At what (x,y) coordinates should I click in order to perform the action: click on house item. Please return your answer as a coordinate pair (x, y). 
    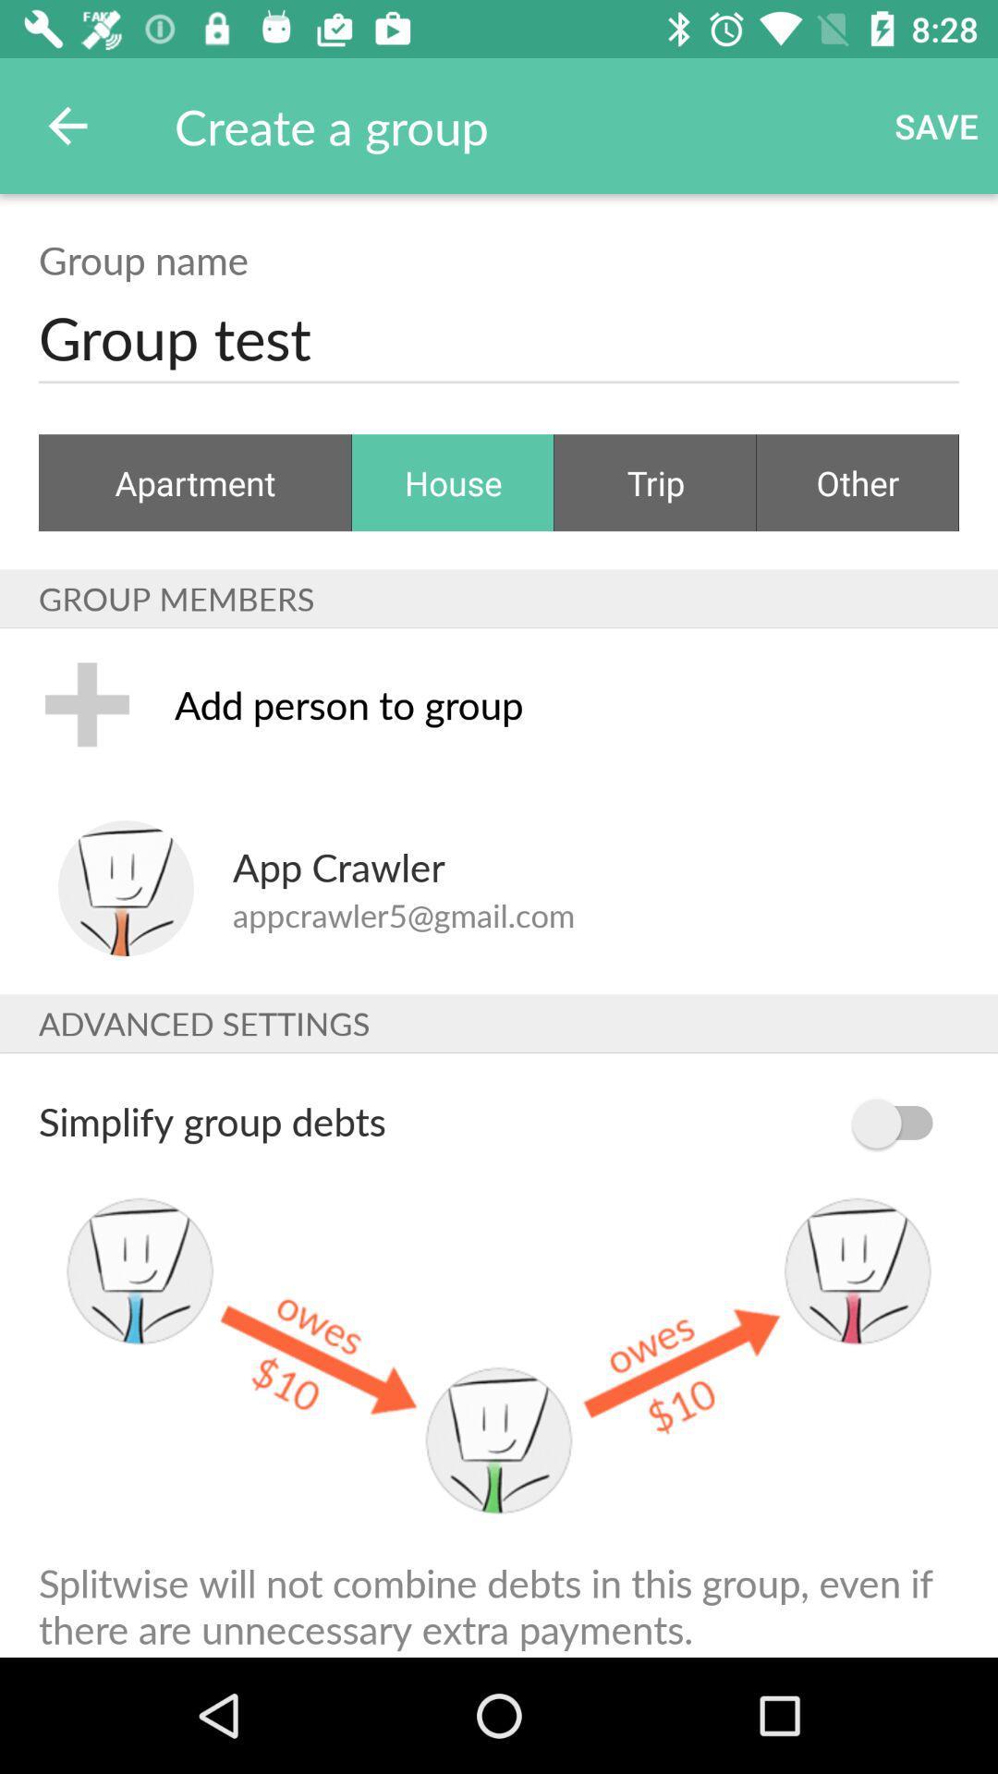
    Looking at the image, I should click on (453, 482).